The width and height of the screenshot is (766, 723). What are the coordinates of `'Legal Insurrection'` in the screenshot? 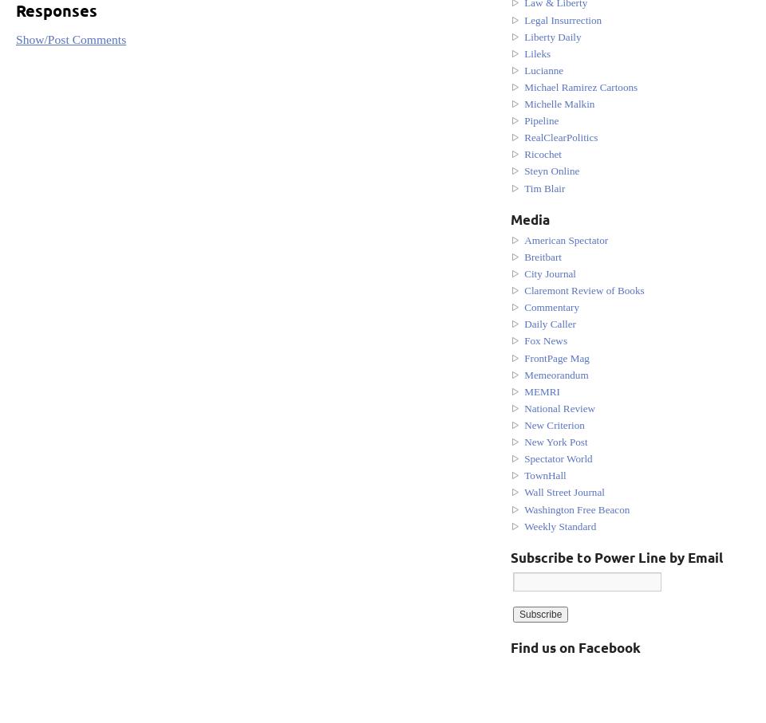 It's located at (563, 18).